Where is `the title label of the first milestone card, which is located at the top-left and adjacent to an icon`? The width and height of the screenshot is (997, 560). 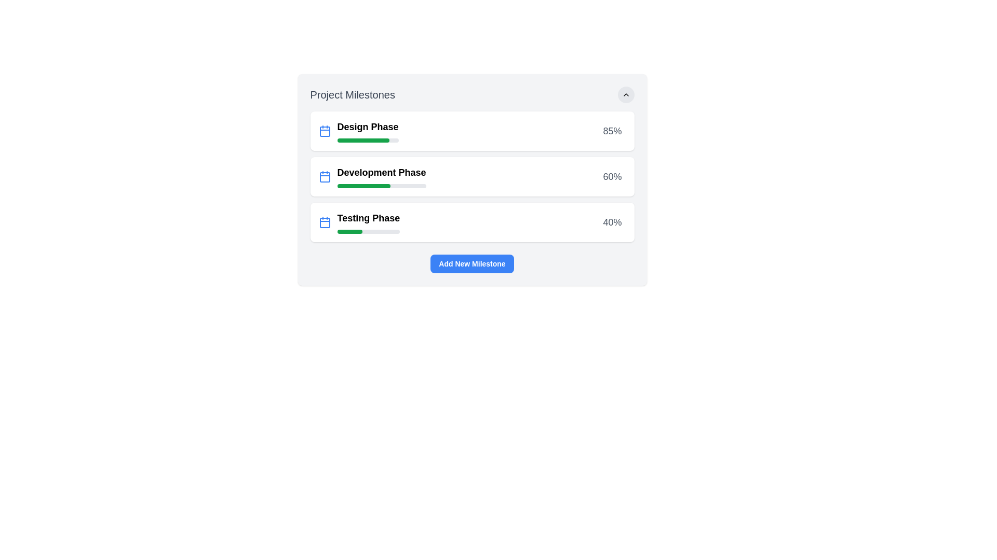
the title label of the first milestone card, which is located at the top-left and adjacent to an icon is located at coordinates (368, 127).